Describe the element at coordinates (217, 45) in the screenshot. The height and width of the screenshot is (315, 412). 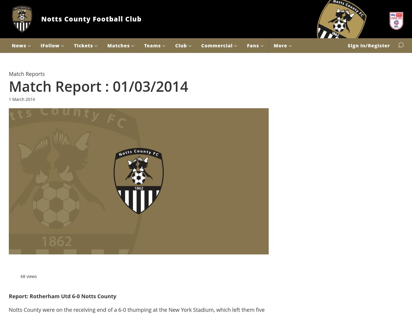
I see `'Commercial'` at that location.